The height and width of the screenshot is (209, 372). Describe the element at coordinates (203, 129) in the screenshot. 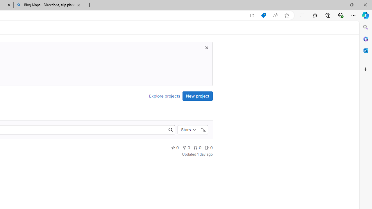

I see `'Sort direction: Ascending'` at that location.